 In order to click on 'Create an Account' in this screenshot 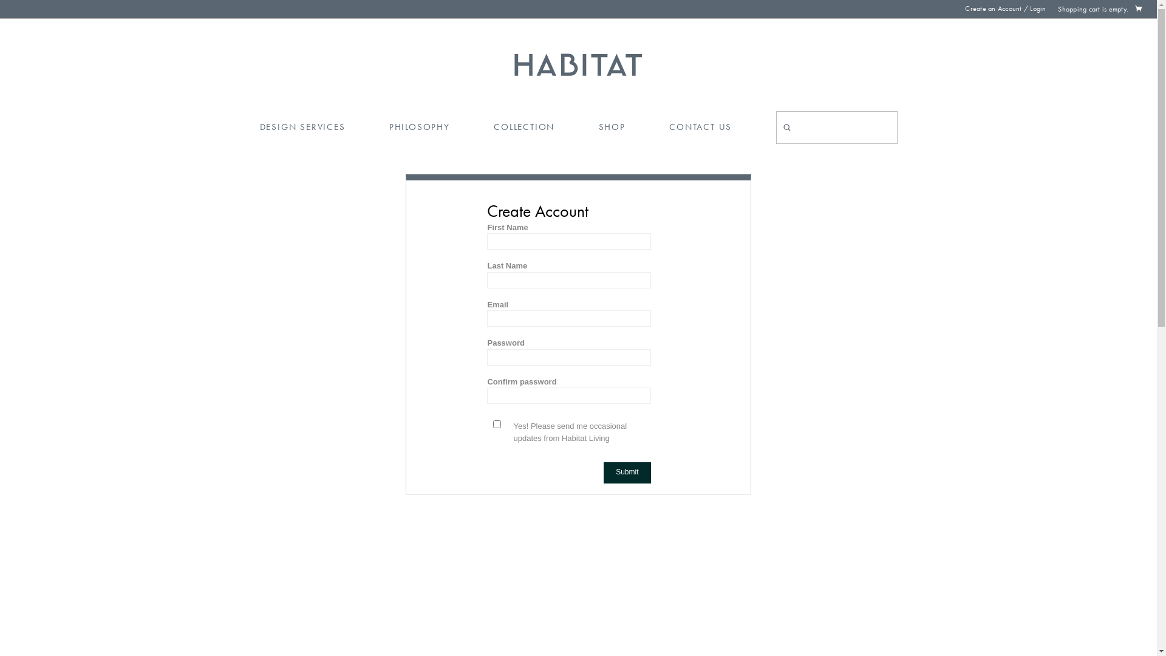, I will do `click(993, 9)`.